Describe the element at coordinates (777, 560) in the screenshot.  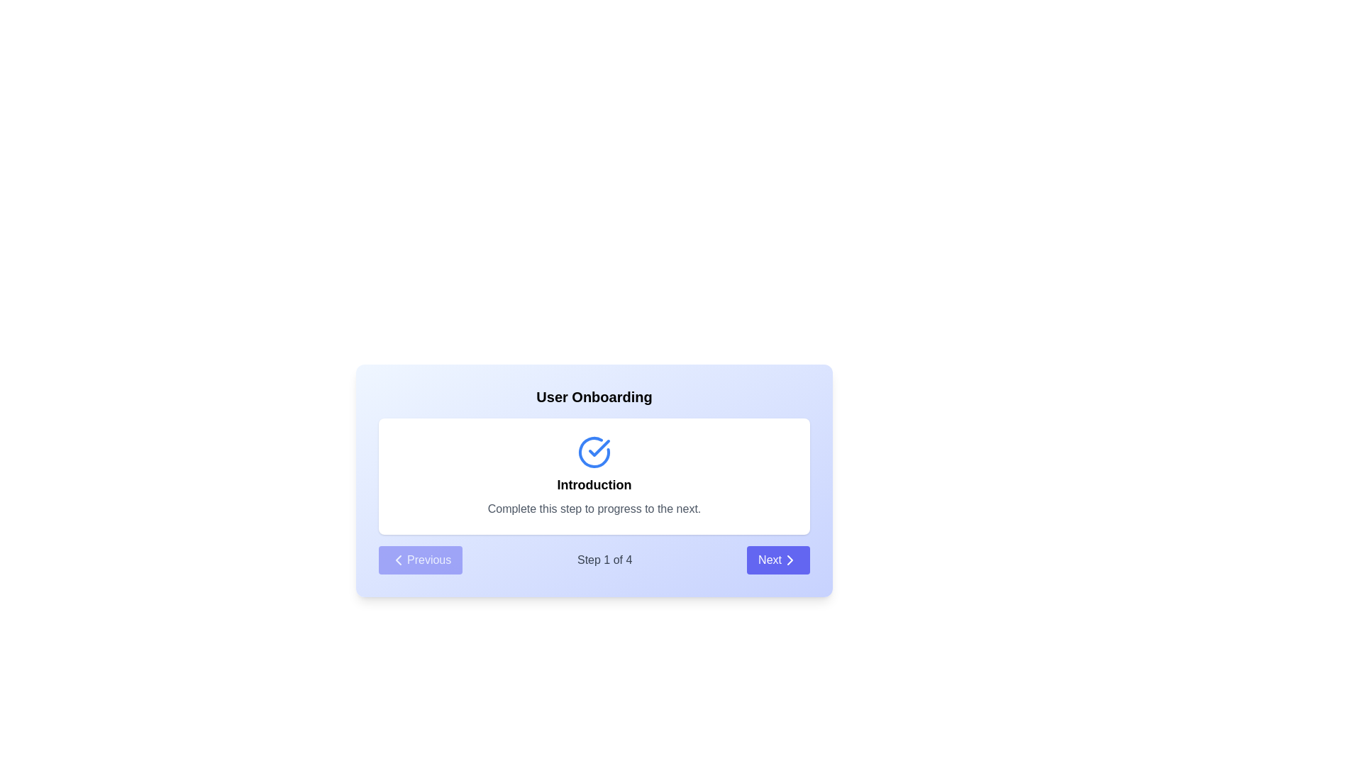
I see `'Next' button to navigate to the next step` at that location.